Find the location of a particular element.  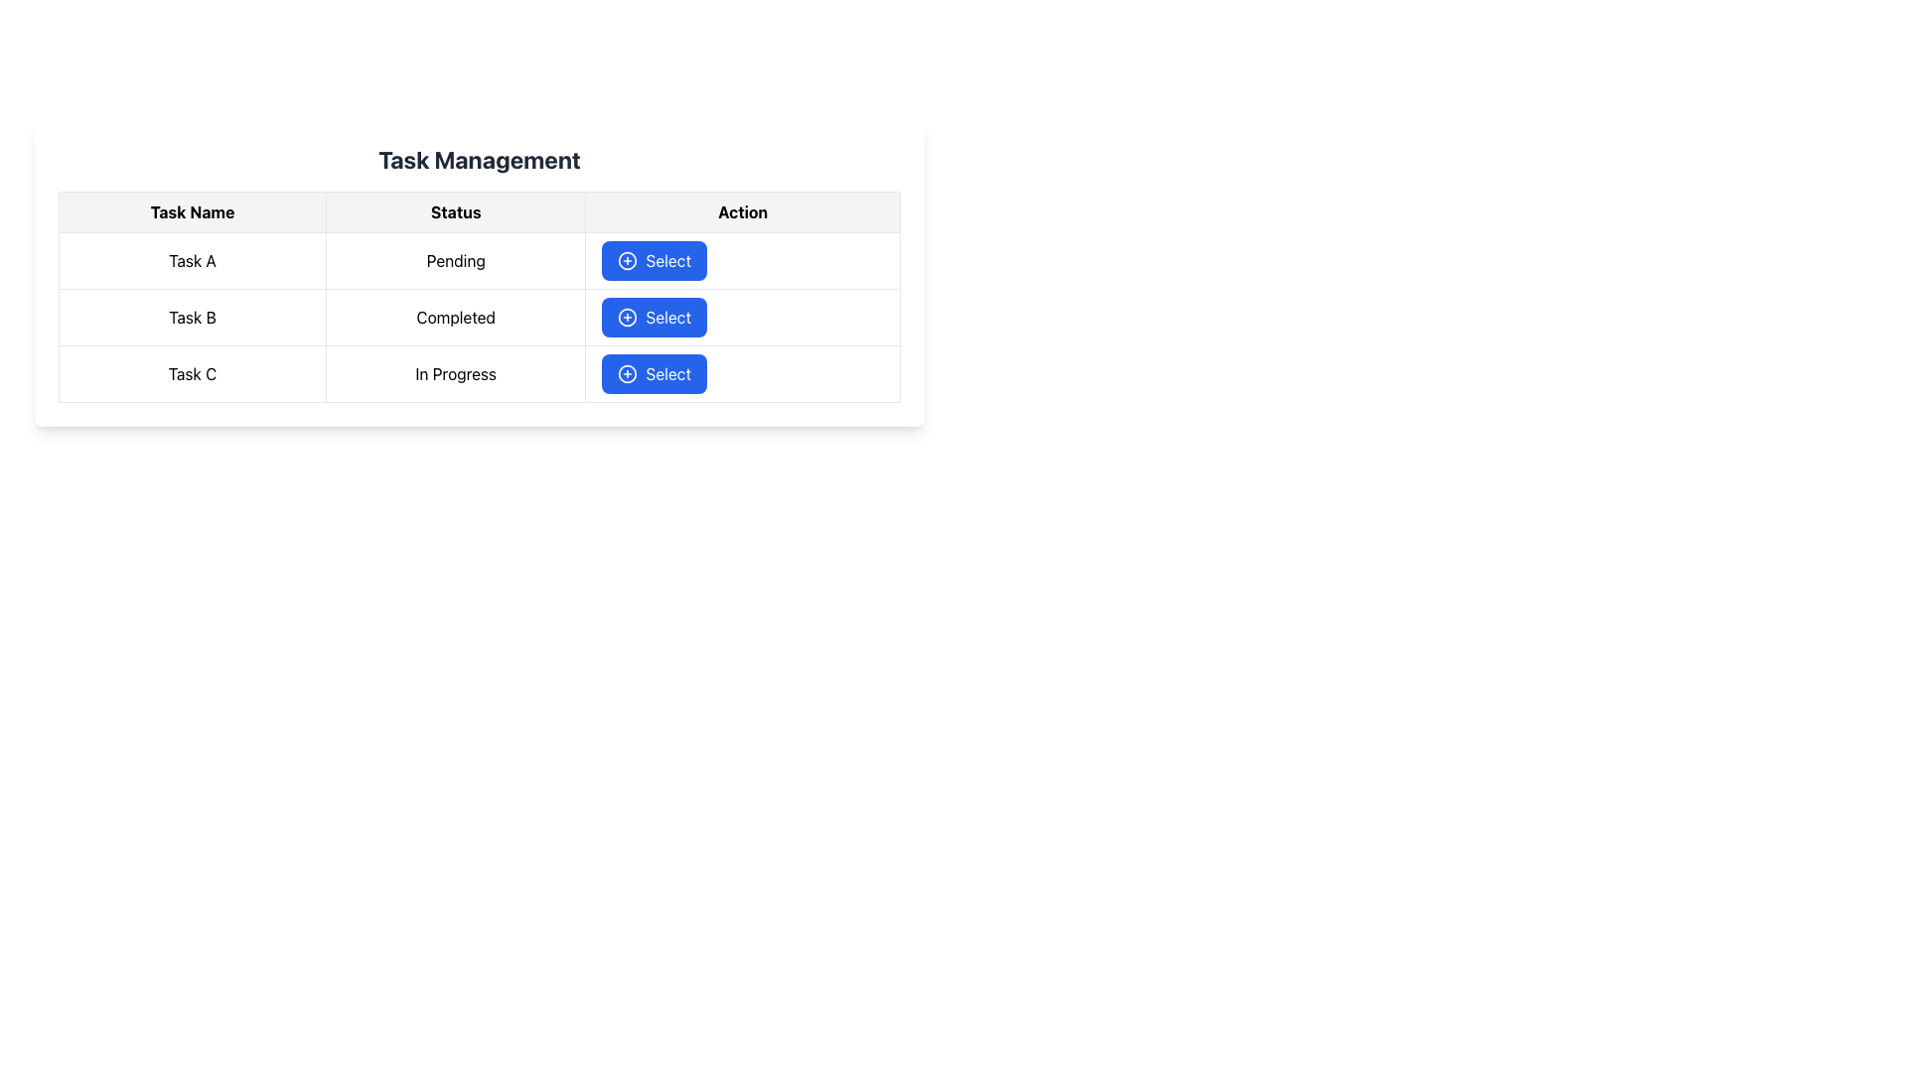

the third row of the task management table that contains 'Task C', 'In Progress', and the blue 'Select' button is located at coordinates (480, 374).